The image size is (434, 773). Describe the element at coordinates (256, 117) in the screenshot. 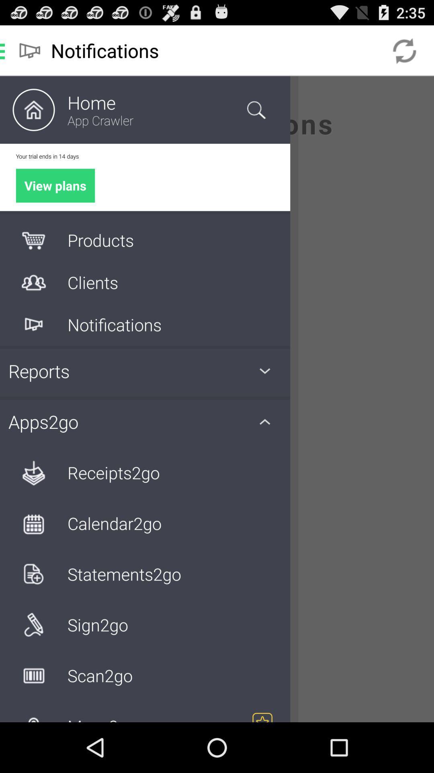

I see `the search icon` at that location.